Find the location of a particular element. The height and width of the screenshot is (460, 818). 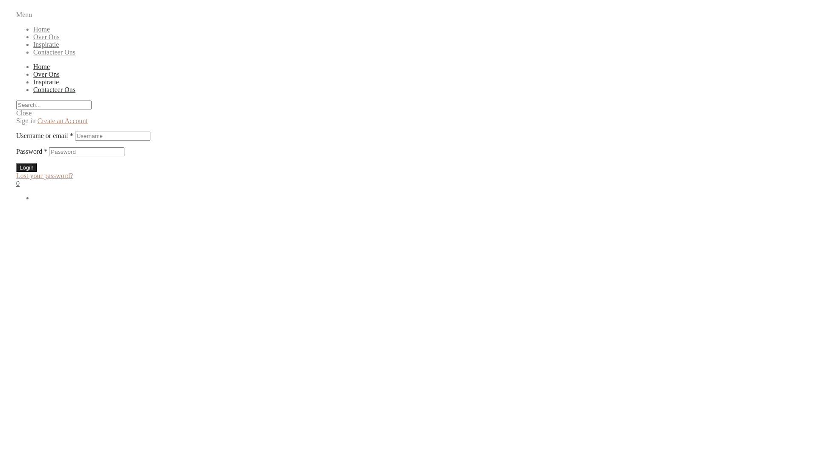

'Contacteer Ons' is located at coordinates (54, 89).